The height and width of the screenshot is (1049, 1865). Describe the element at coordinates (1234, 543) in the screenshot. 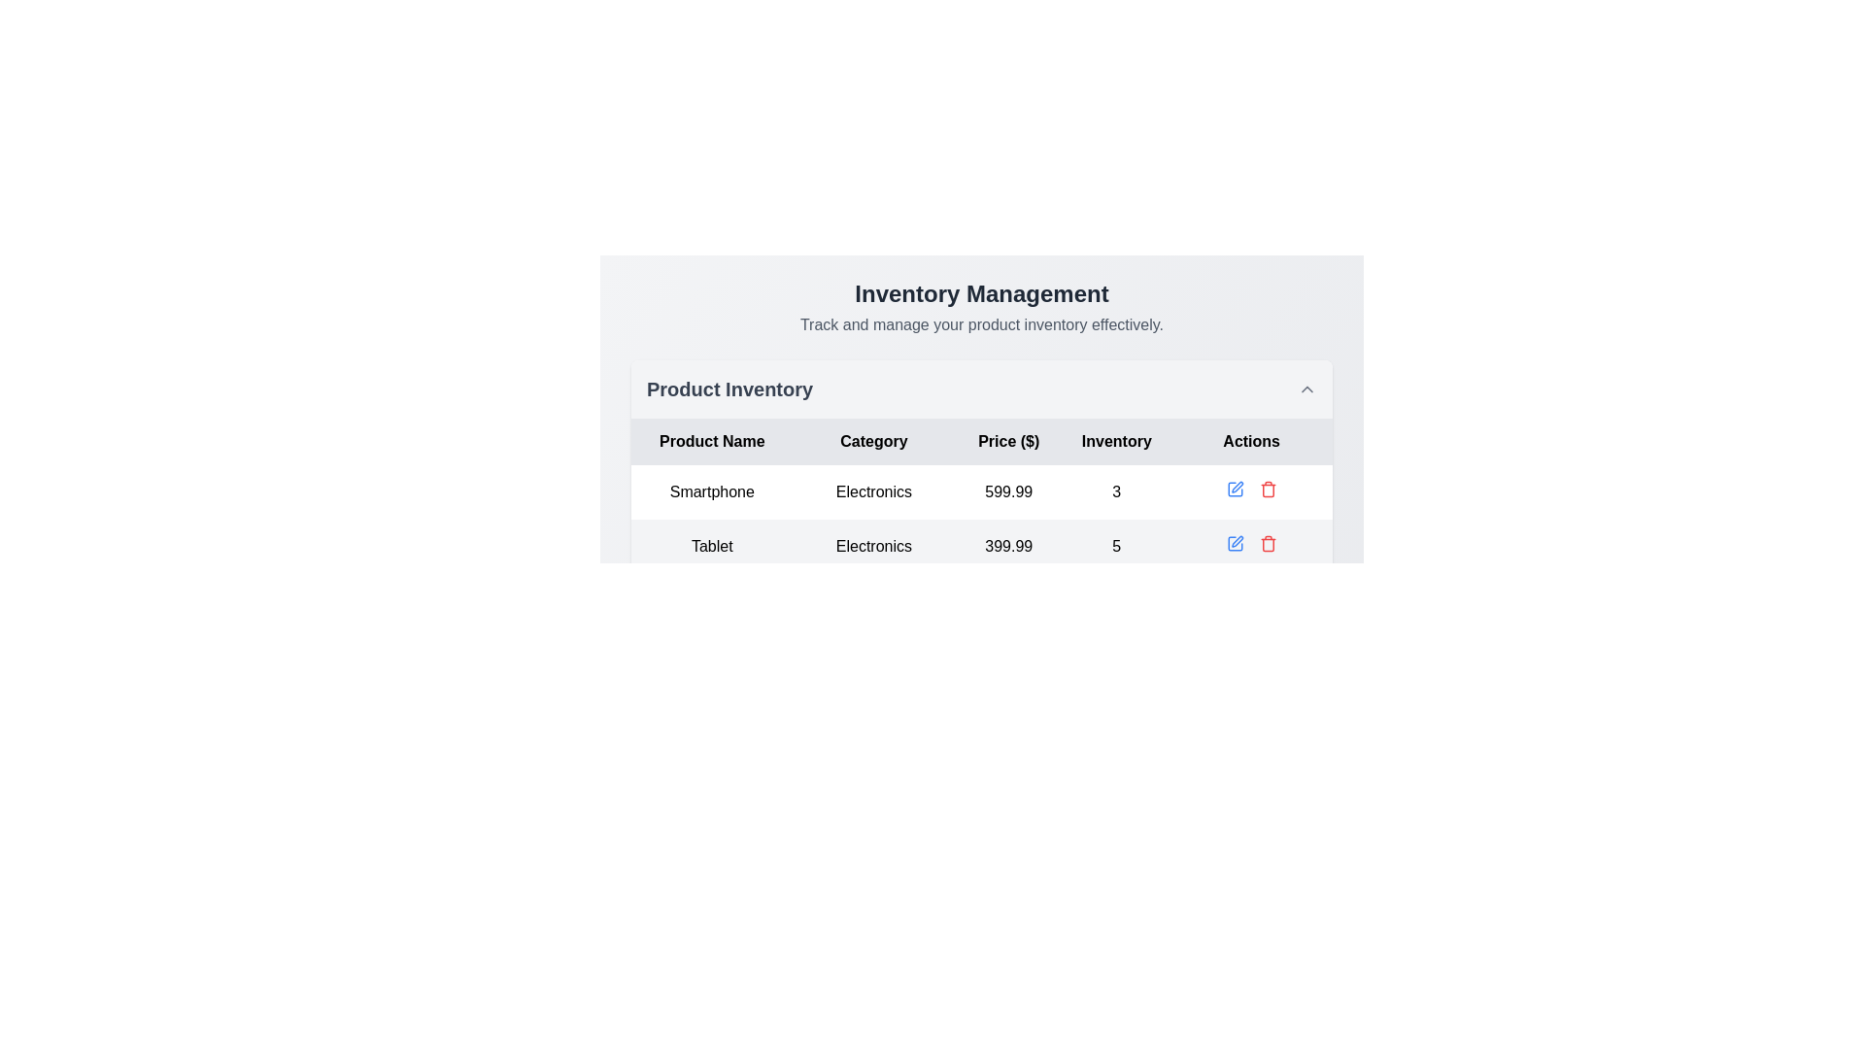

I see `the edit button with an icon located in the 'Actions' column of the second row in the 'Product Inventory' table to initiate the edit operation for the 'Tablet' entry` at that location.